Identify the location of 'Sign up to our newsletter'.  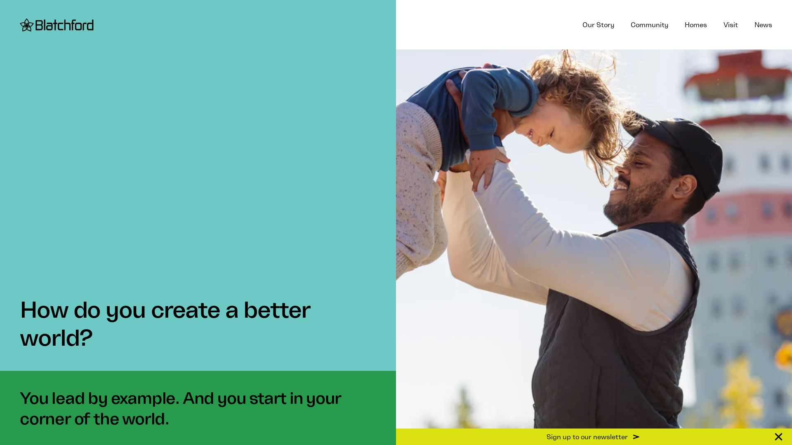
(594, 436).